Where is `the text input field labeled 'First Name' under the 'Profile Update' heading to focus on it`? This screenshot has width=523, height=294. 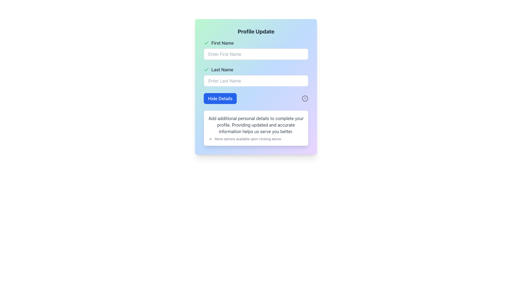 the text input field labeled 'First Name' under the 'Profile Update' heading to focus on it is located at coordinates (256, 50).